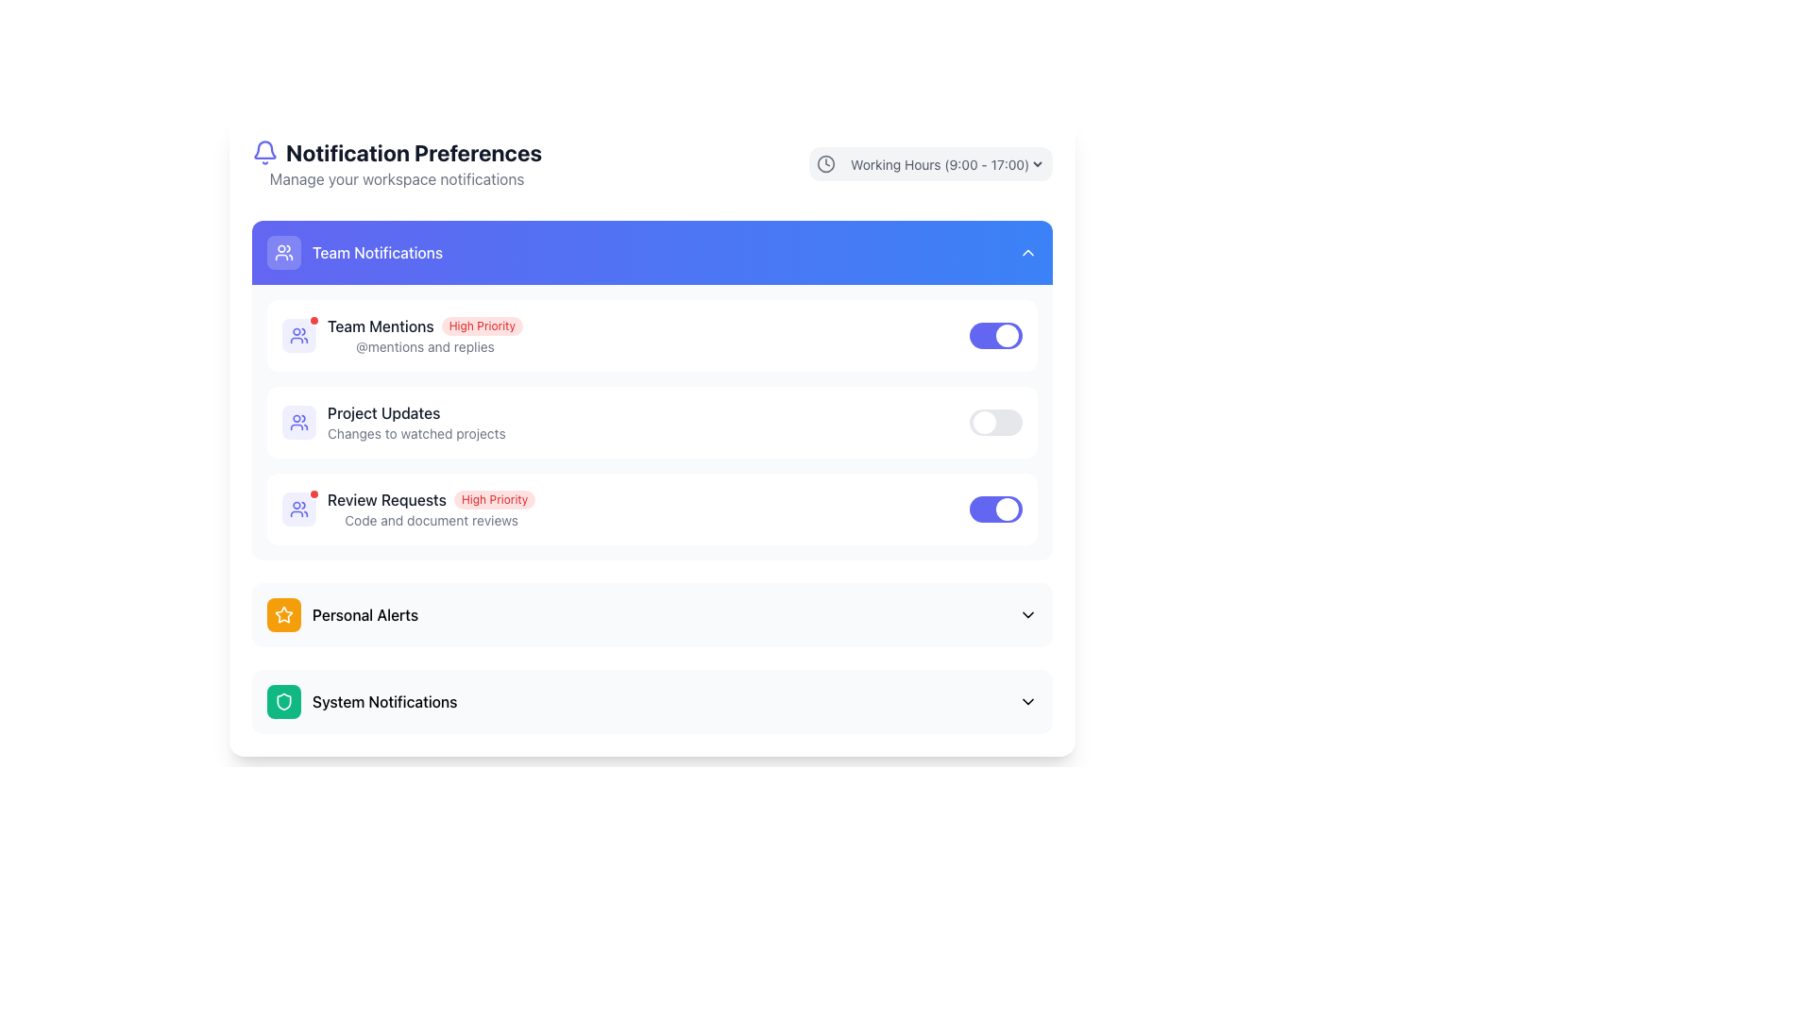  What do you see at coordinates (652, 509) in the screenshot?
I see `the 'Review Requests' notification entry with a purple toggle switch, which is the third item under the 'Team Notifications' section` at bounding box center [652, 509].